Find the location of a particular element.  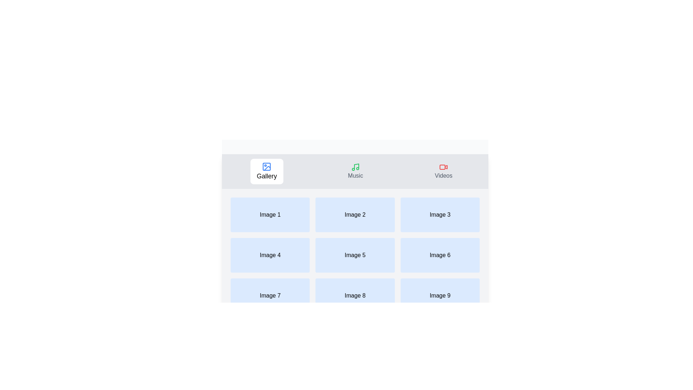

the tab labeled Videos to select it is located at coordinates (443, 171).